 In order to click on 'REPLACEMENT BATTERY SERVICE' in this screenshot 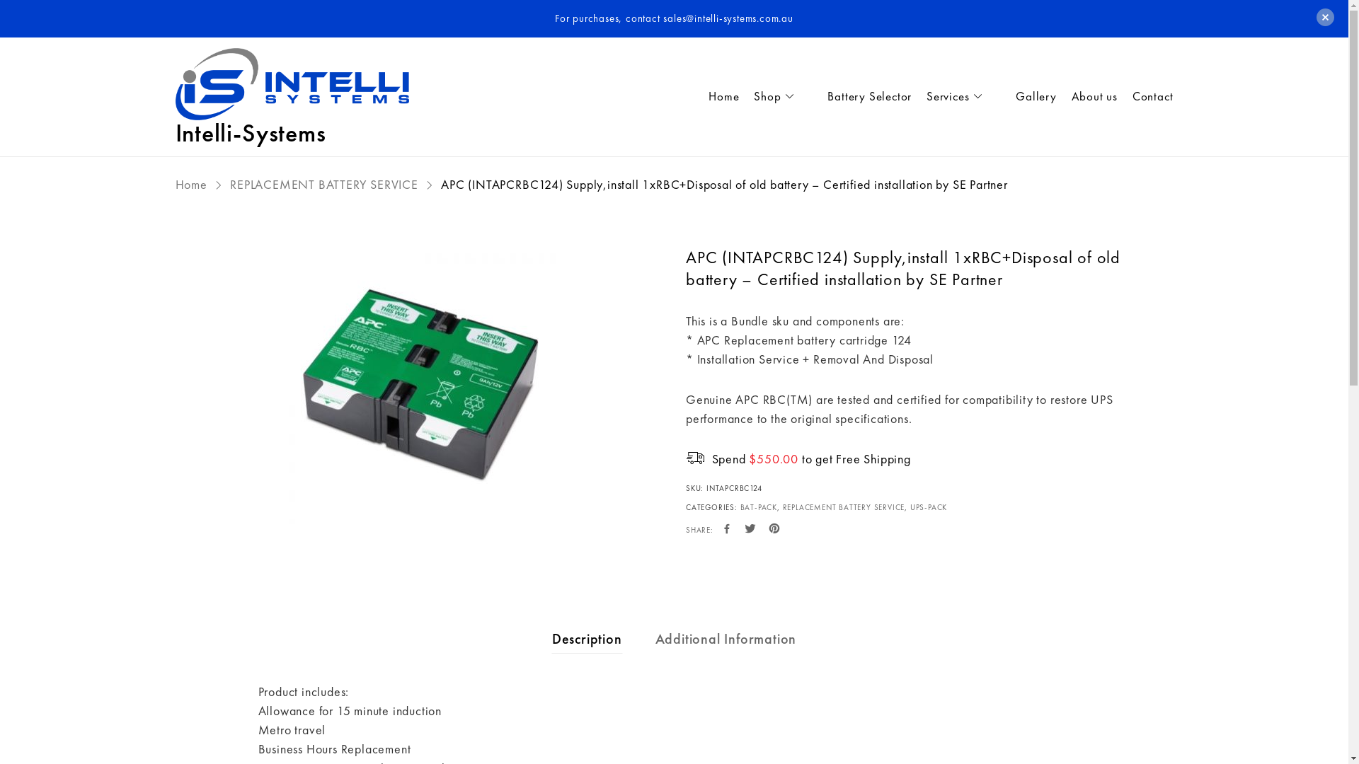, I will do `click(230, 183)`.